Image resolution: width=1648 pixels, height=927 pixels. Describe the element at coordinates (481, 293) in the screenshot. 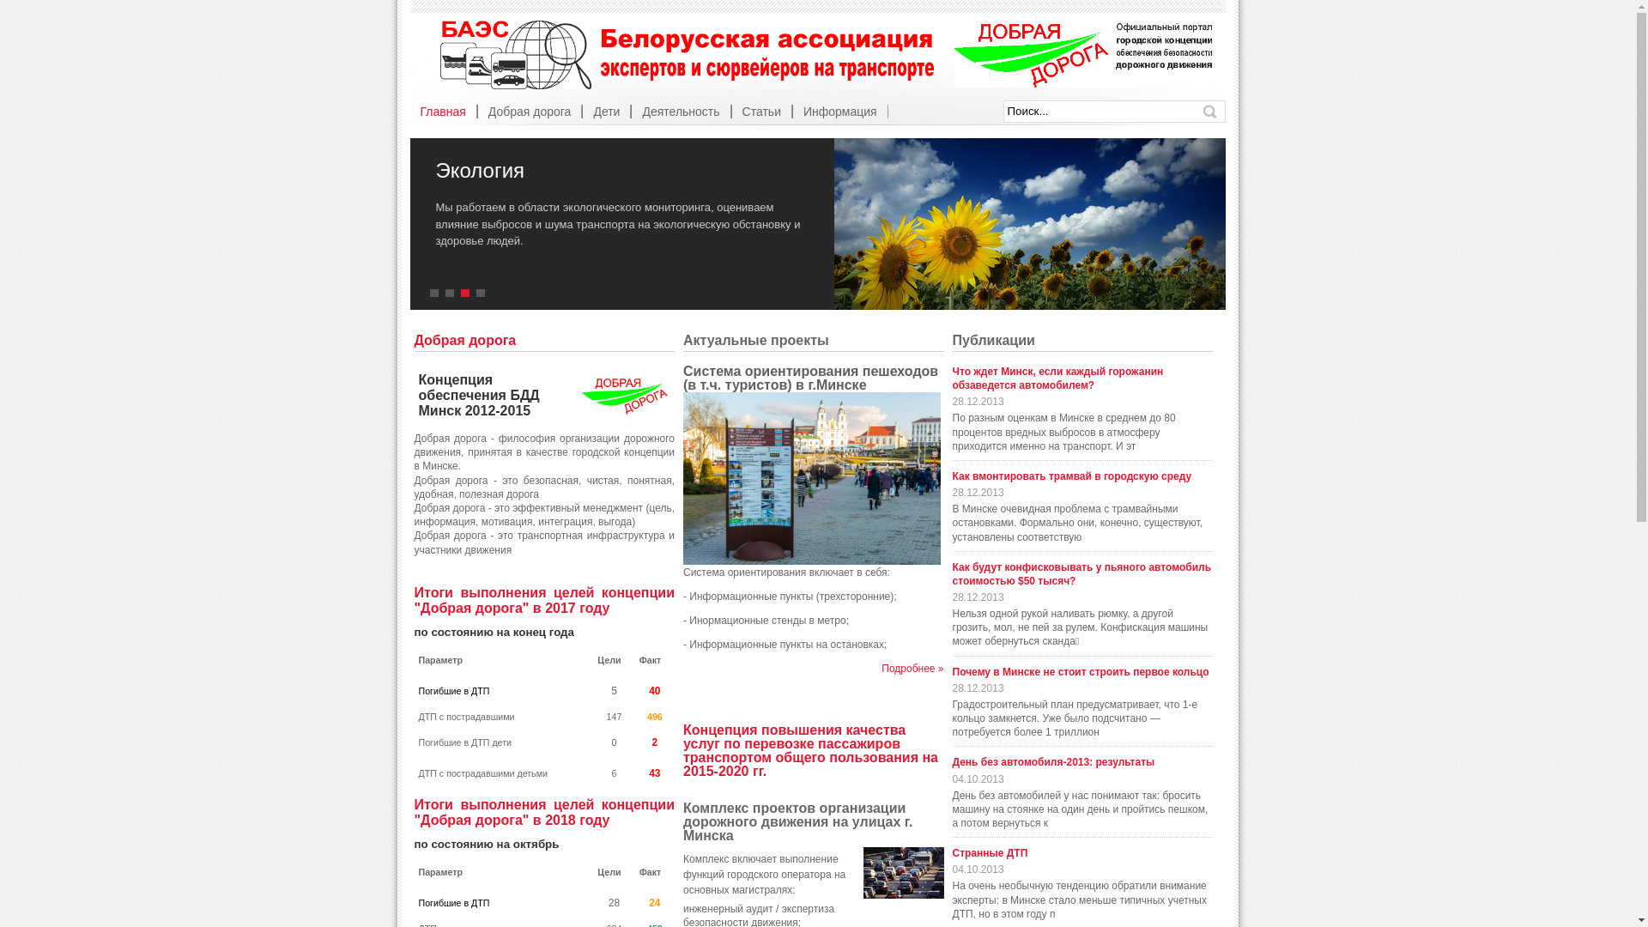

I see `'4'` at that location.